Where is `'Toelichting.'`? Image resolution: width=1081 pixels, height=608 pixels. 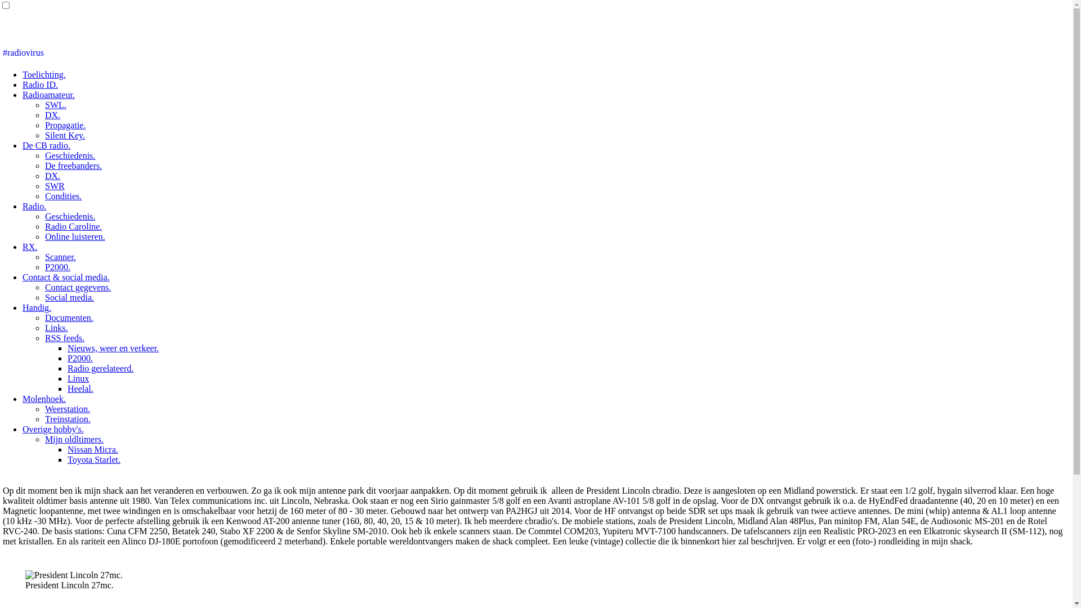
'Toelichting.' is located at coordinates (44, 74).